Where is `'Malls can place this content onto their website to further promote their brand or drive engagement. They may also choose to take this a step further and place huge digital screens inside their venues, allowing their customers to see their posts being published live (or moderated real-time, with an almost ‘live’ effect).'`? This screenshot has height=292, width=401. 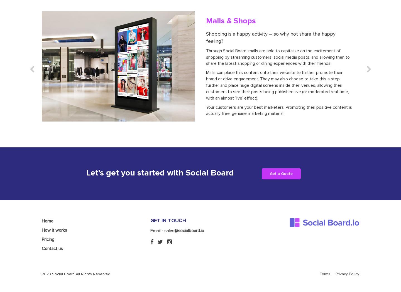 'Malls can place this content onto their website to further promote their brand or drive engagement. They may also choose to take this a step further and place huge digital screens inside their venues, allowing their customers to see their posts being published live (or moderated real-time, with an almost ‘live’ effect).' is located at coordinates (277, 85).